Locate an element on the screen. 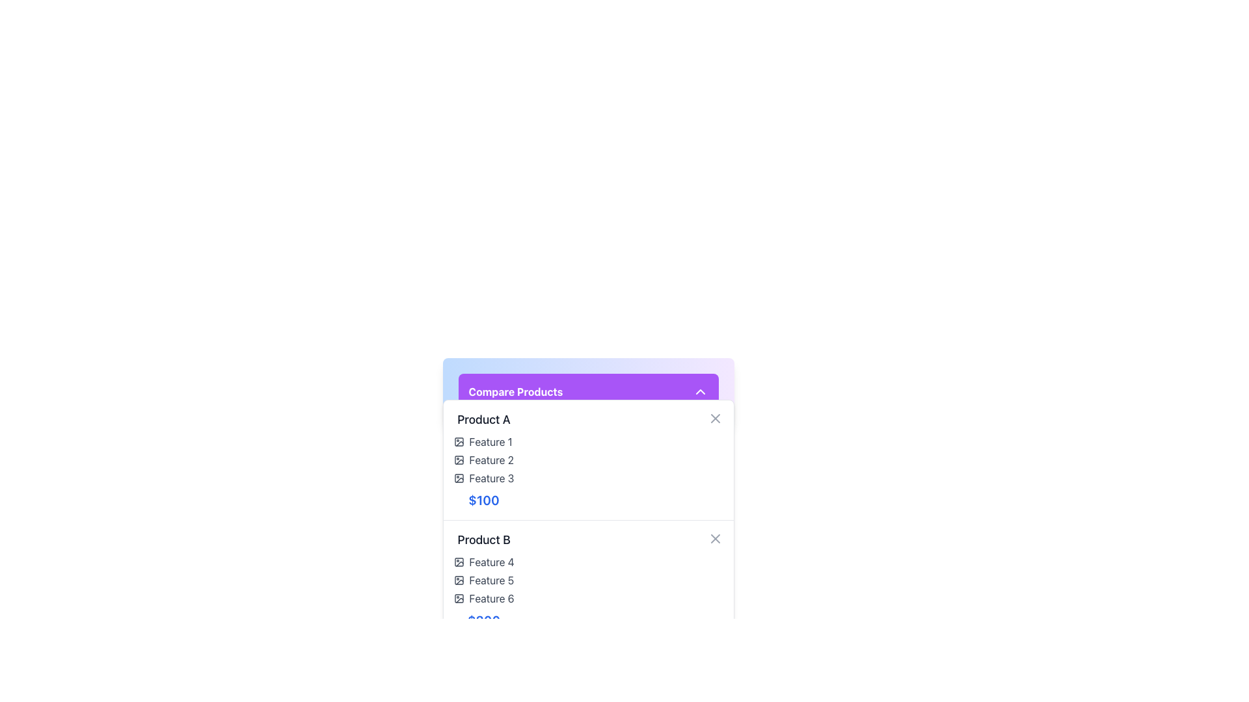 The width and height of the screenshot is (1249, 702). the Text Label that displays the price of 'Product B', located at the bottom of the product card is located at coordinates (483, 620).